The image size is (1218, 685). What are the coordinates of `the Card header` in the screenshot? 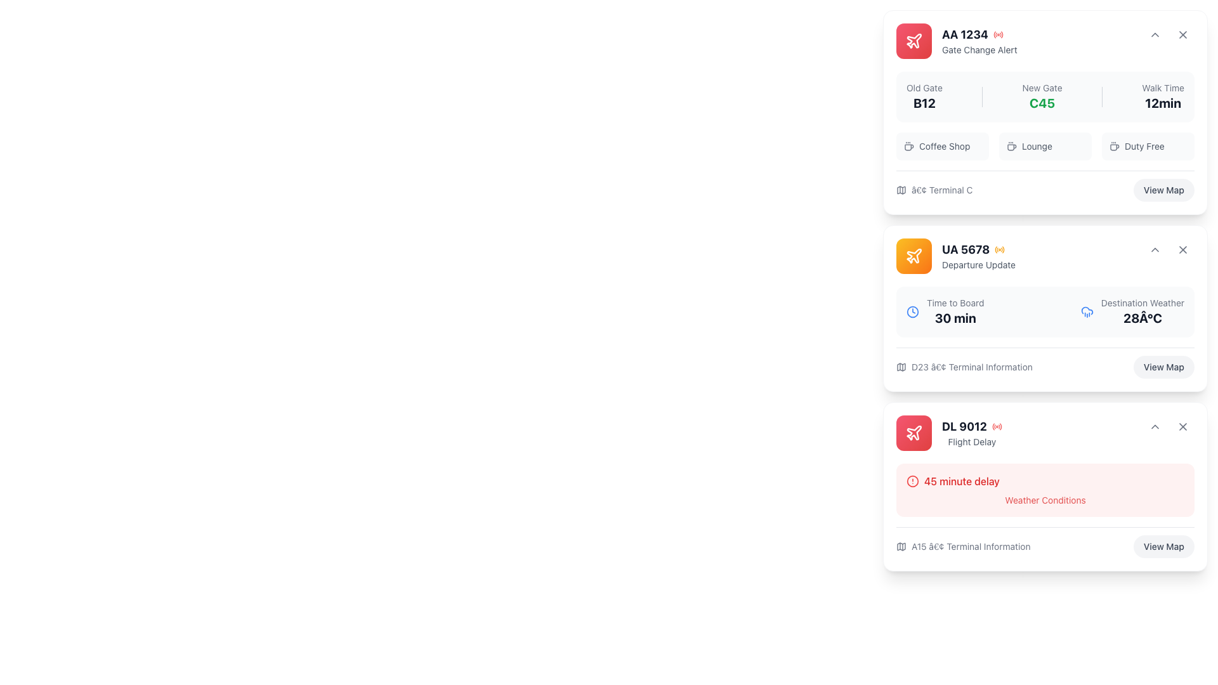 It's located at (956, 256).